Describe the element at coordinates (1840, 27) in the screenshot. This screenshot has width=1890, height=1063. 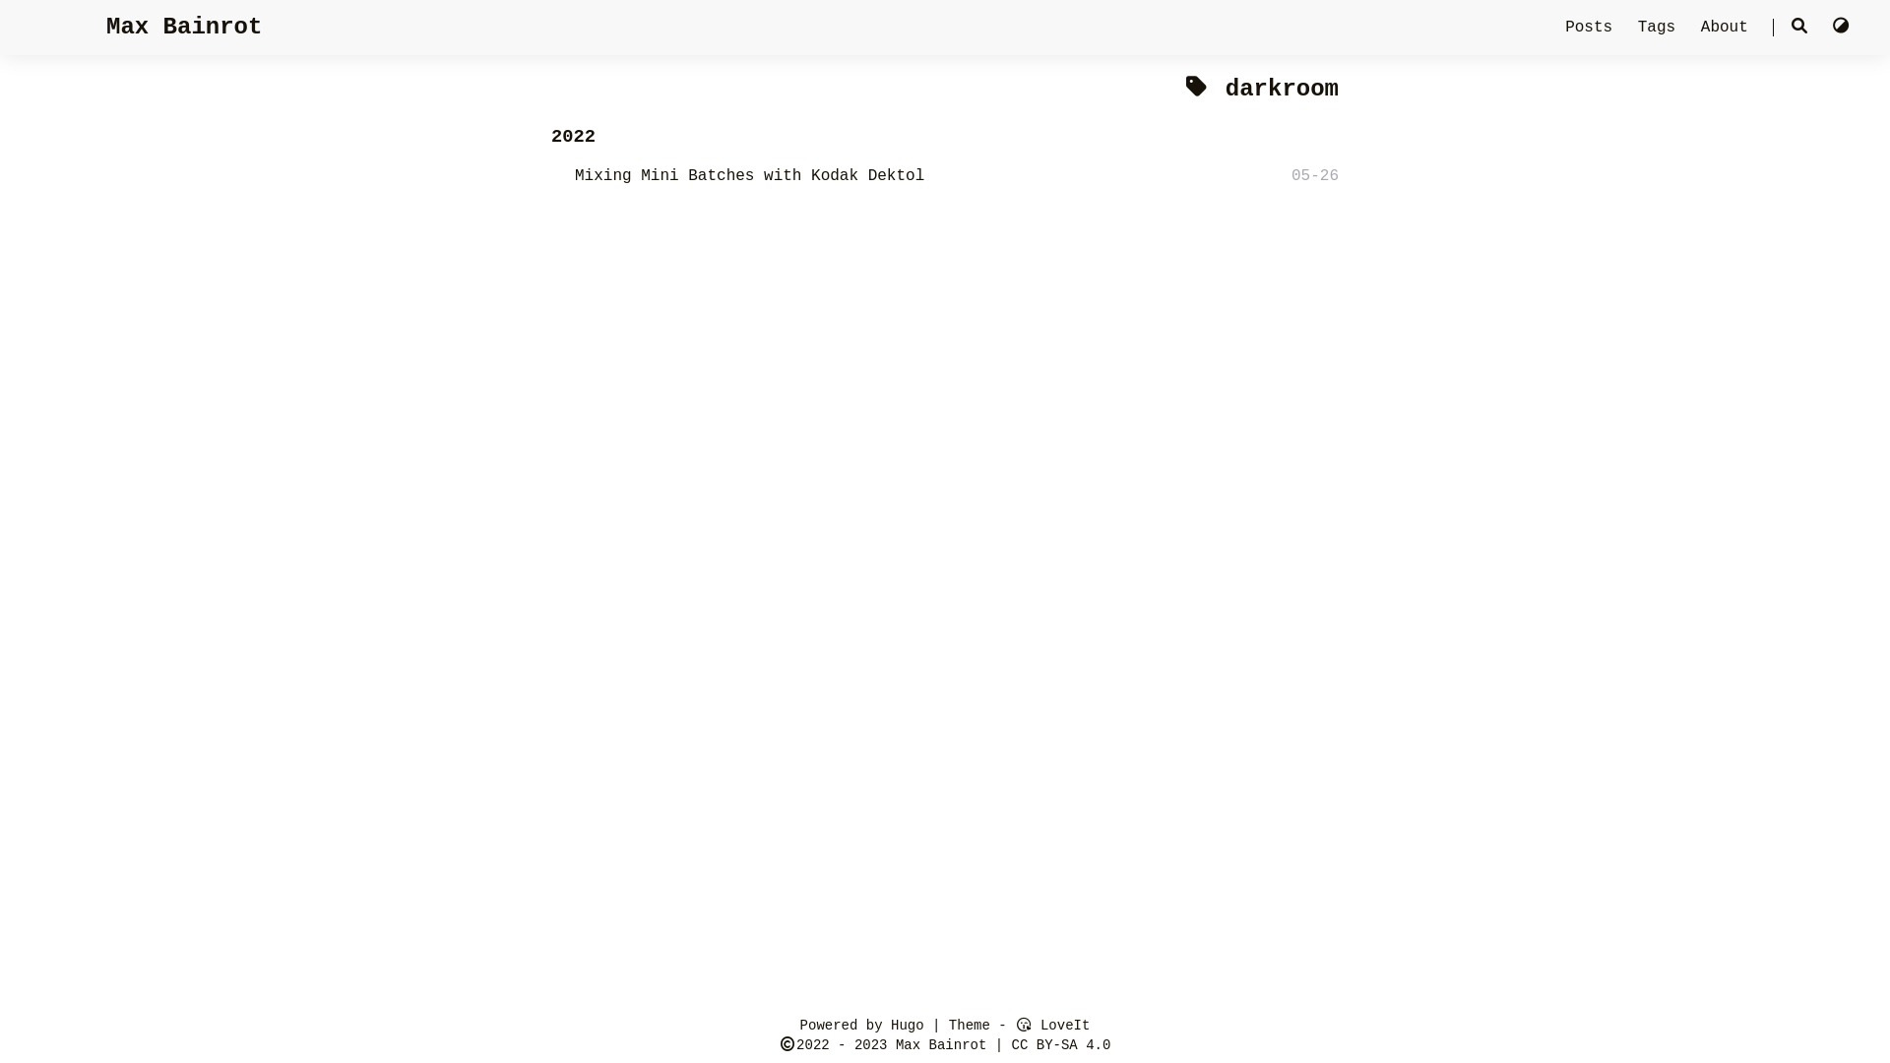
I see `'Switch Theme'` at that location.